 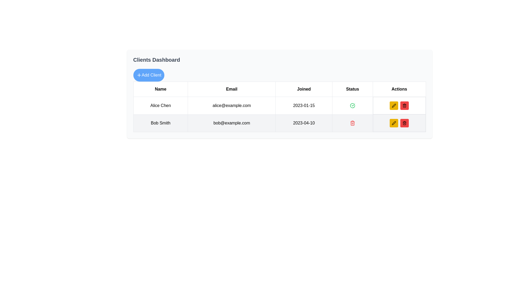 What do you see at coordinates (304, 123) in the screenshot?
I see `the static text element displaying the date '2023-04-10' in the third column labeled 'Joined' of the second row in the table` at bounding box center [304, 123].